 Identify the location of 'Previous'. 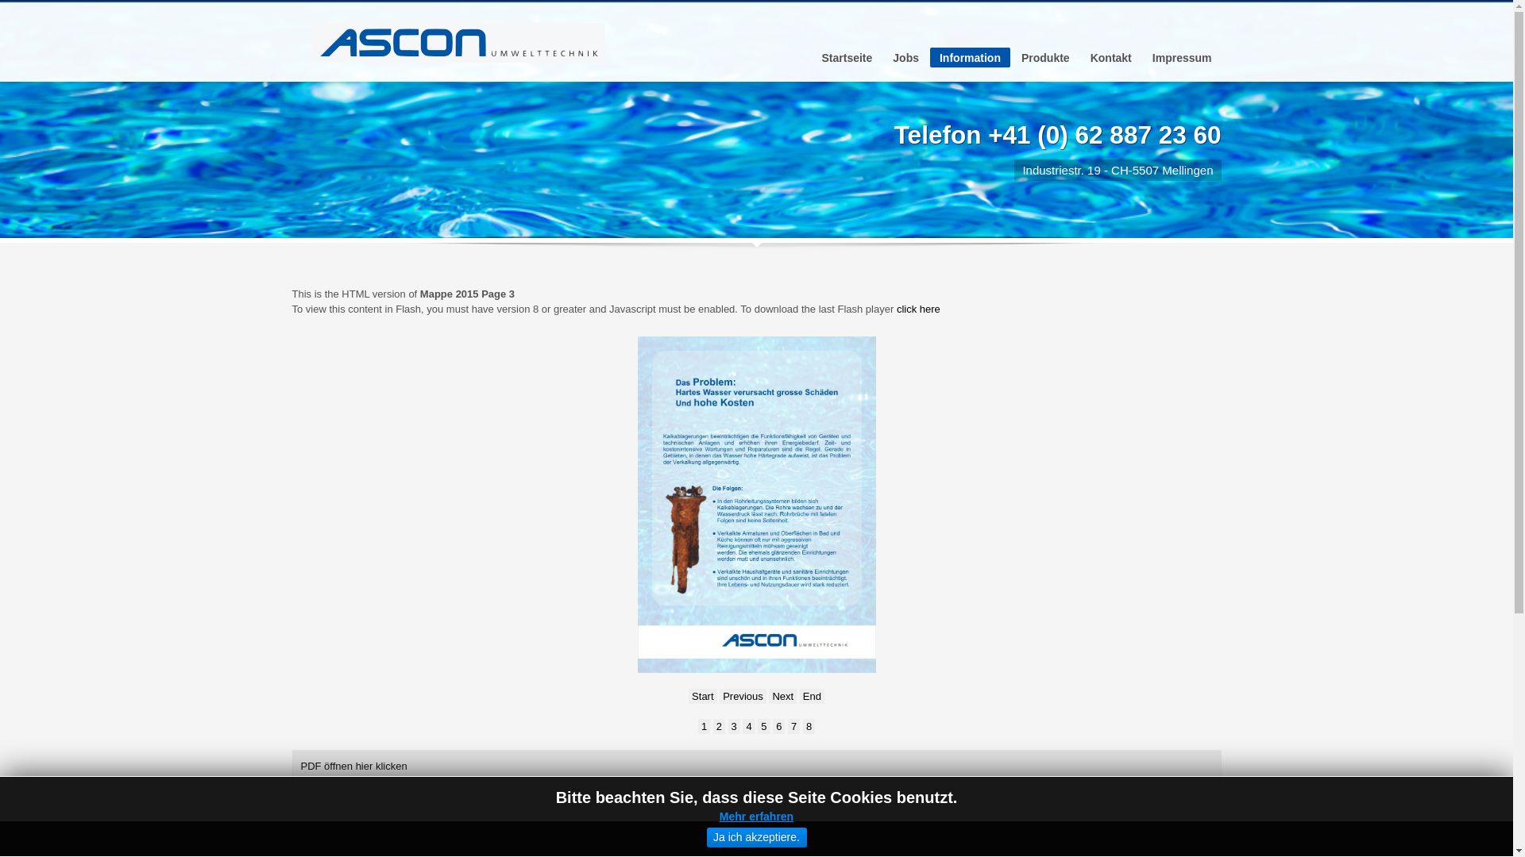
(742, 695).